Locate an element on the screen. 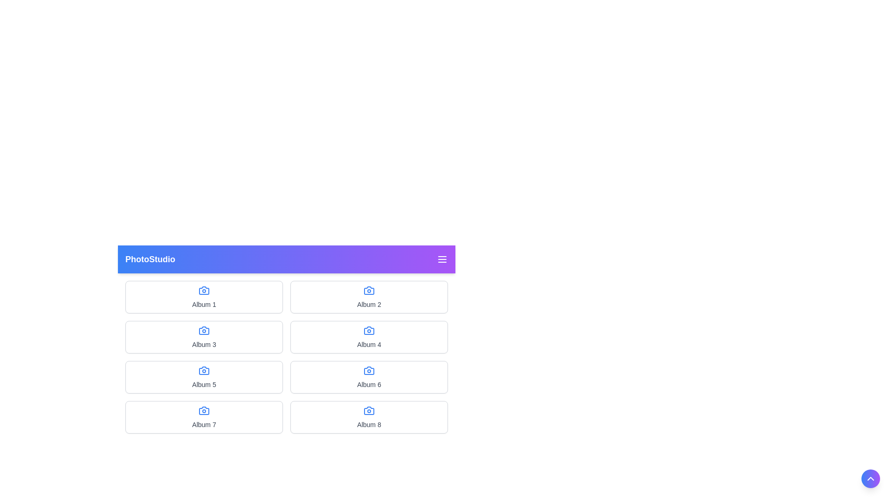 The width and height of the screenshot is (895, 503). the text label indicating the name or title of the album located in the third card of the left column in the grid layout is located at coordinates (203, 384).